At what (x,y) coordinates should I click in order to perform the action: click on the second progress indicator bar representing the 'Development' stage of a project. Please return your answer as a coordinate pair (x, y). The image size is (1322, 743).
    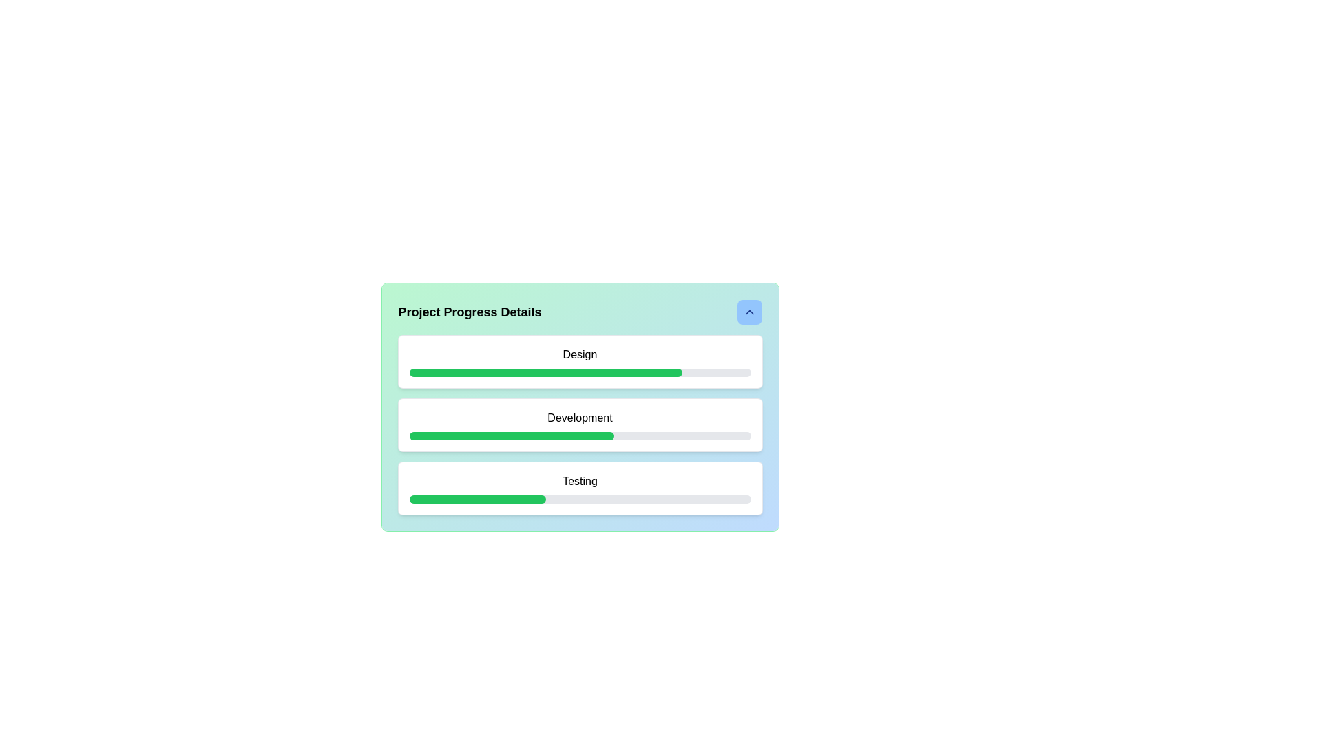
    Looking at the image, I should click on (511, 435).